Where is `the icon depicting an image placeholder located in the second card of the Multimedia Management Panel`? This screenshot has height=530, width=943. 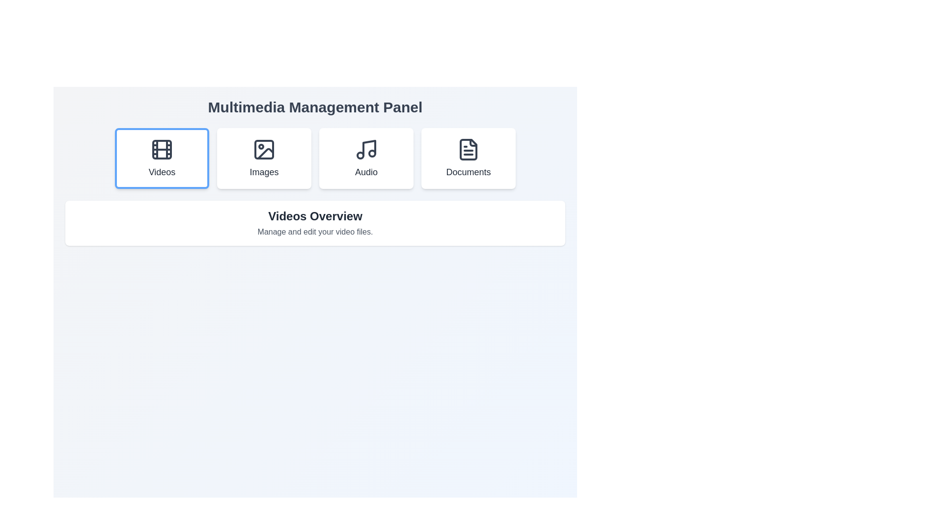
the icon depicting an image placeholder located in the second card of the Multimedia Management Panel is located at coordinates (264, 149).